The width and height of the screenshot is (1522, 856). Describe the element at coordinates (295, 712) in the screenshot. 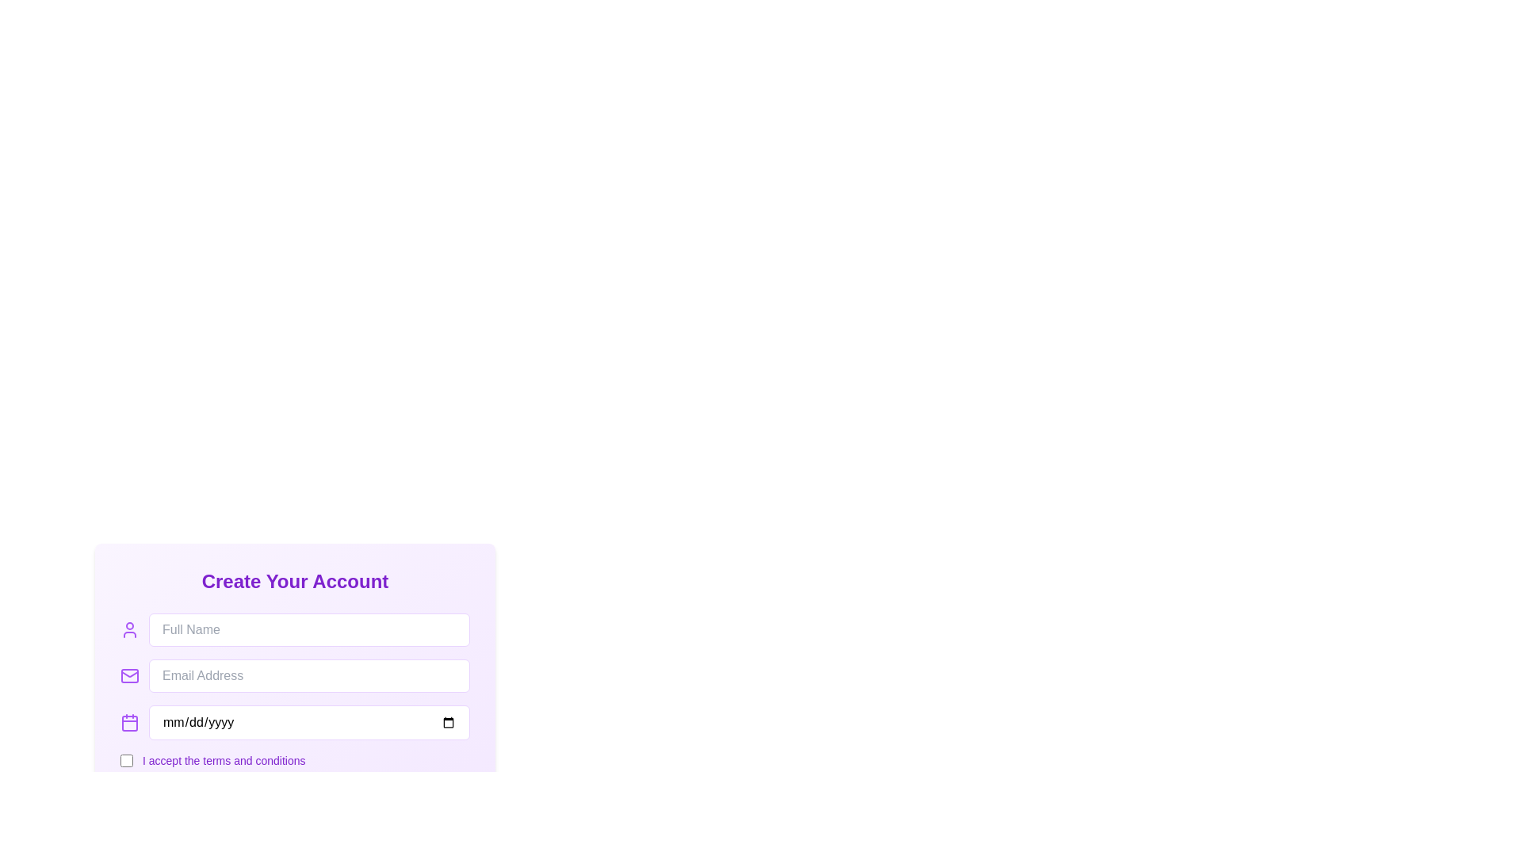

I see `the 'Clear Form' button, which is a lighter purple button with rounded corners located below the input fields in the user registration form` at that location.